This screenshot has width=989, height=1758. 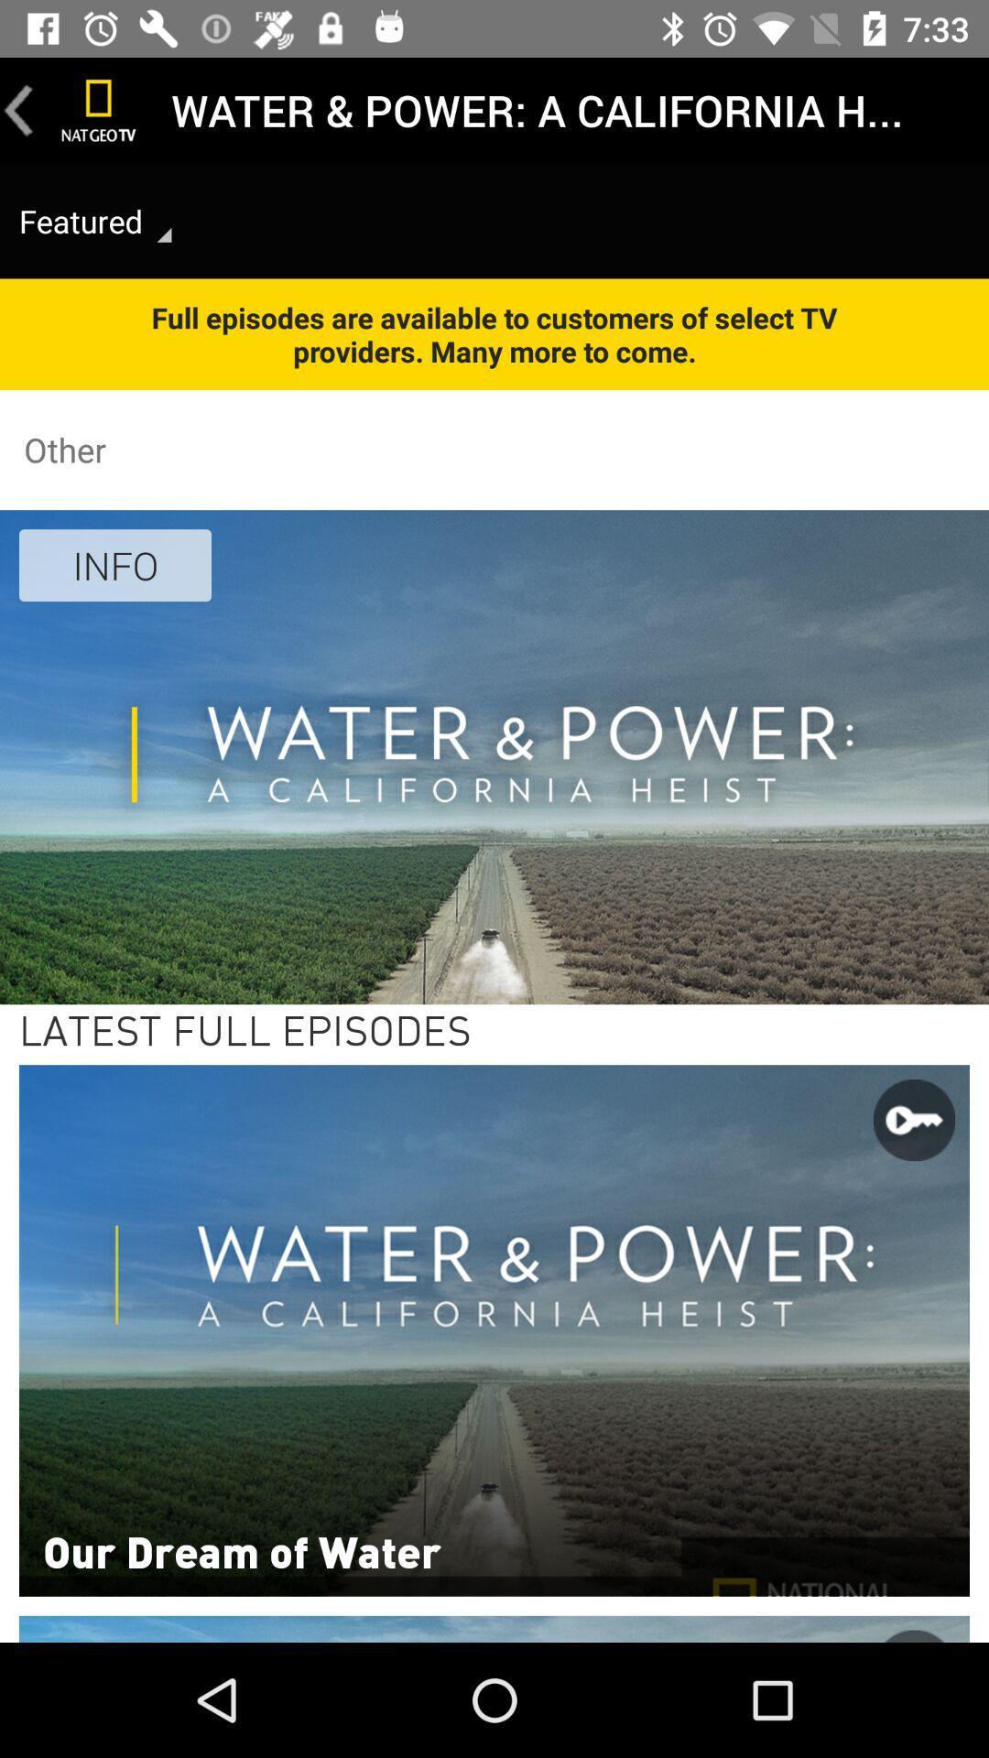 I want to click on item to the left of water power a item, so click(x=99, y=109).